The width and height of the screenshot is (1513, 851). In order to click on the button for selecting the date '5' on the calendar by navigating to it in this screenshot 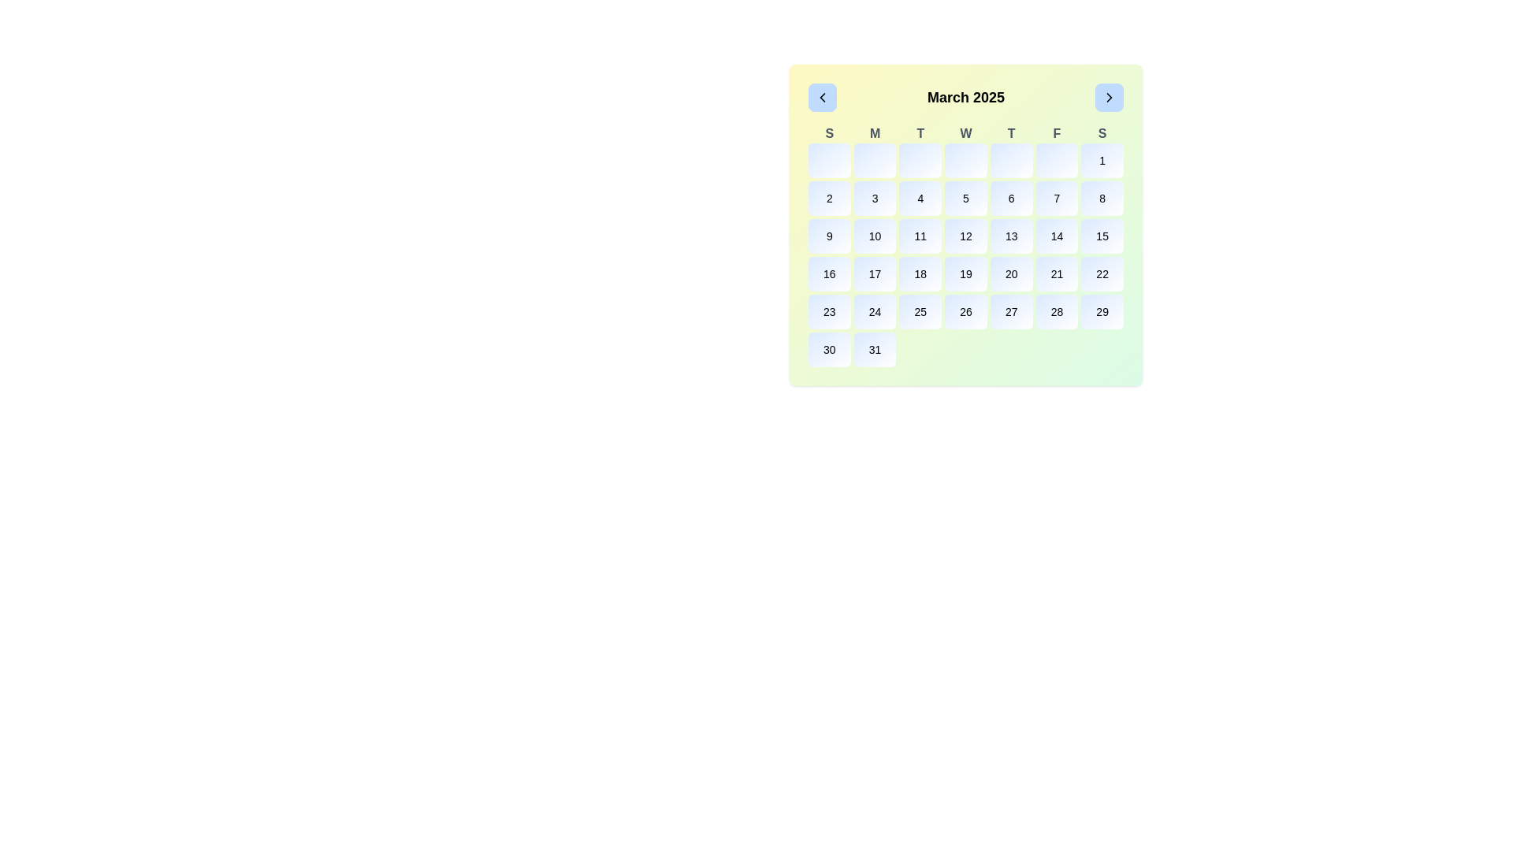, I will do `click(965, 197)`.